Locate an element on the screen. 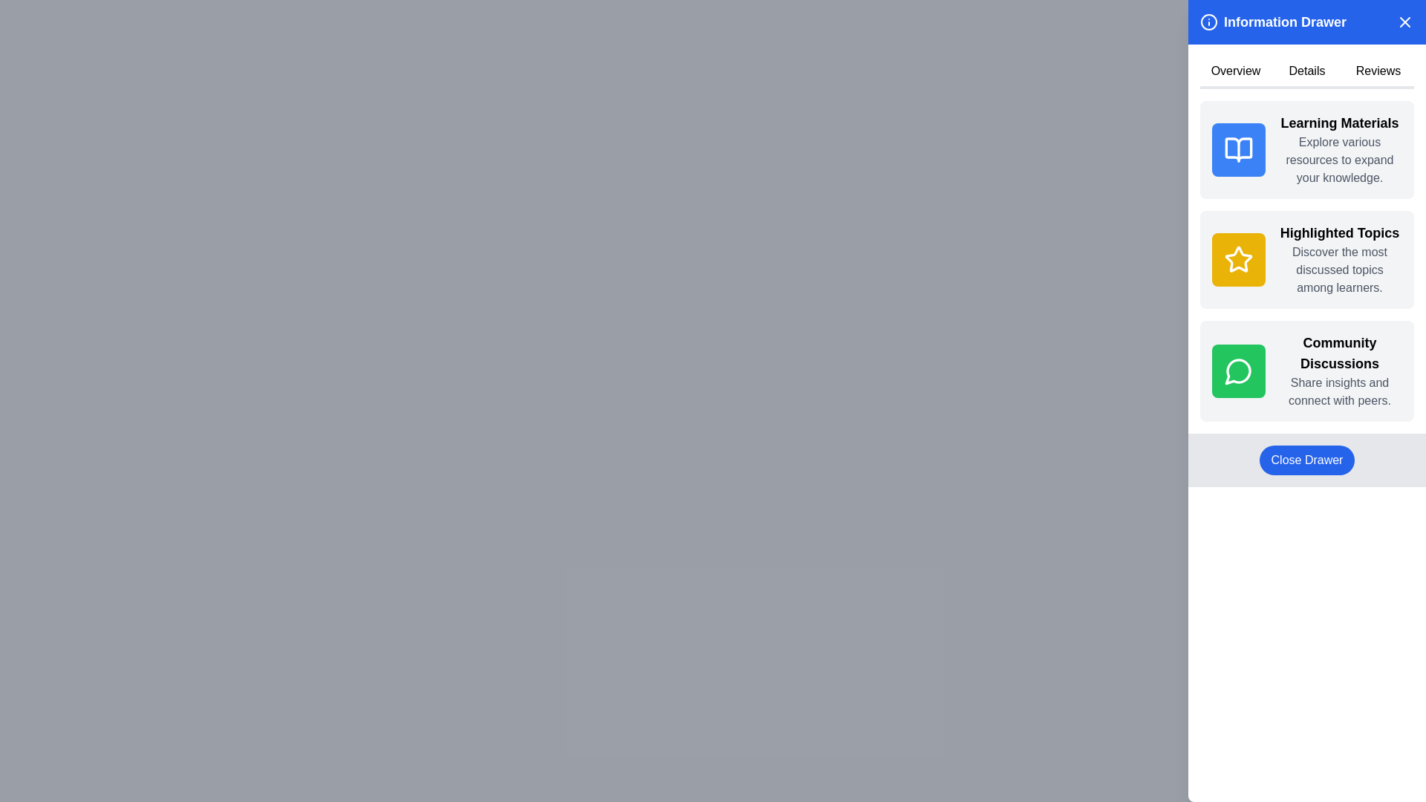  the open book icon with a blue background located on the topmost card titled 'Learning Materials' in the central column of the sidebar is located at coordinates (1239, 149).